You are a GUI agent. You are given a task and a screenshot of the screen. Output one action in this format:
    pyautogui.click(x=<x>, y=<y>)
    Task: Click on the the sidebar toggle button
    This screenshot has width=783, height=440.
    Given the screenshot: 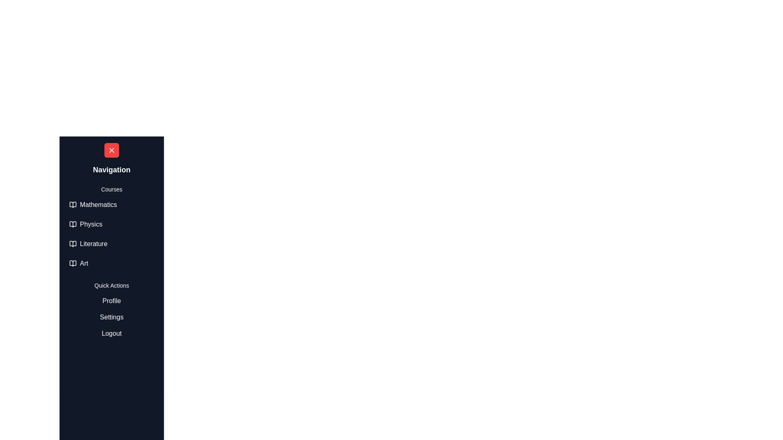 What is the action you would take?
    pyautogui.click(x=73, y=150)
    